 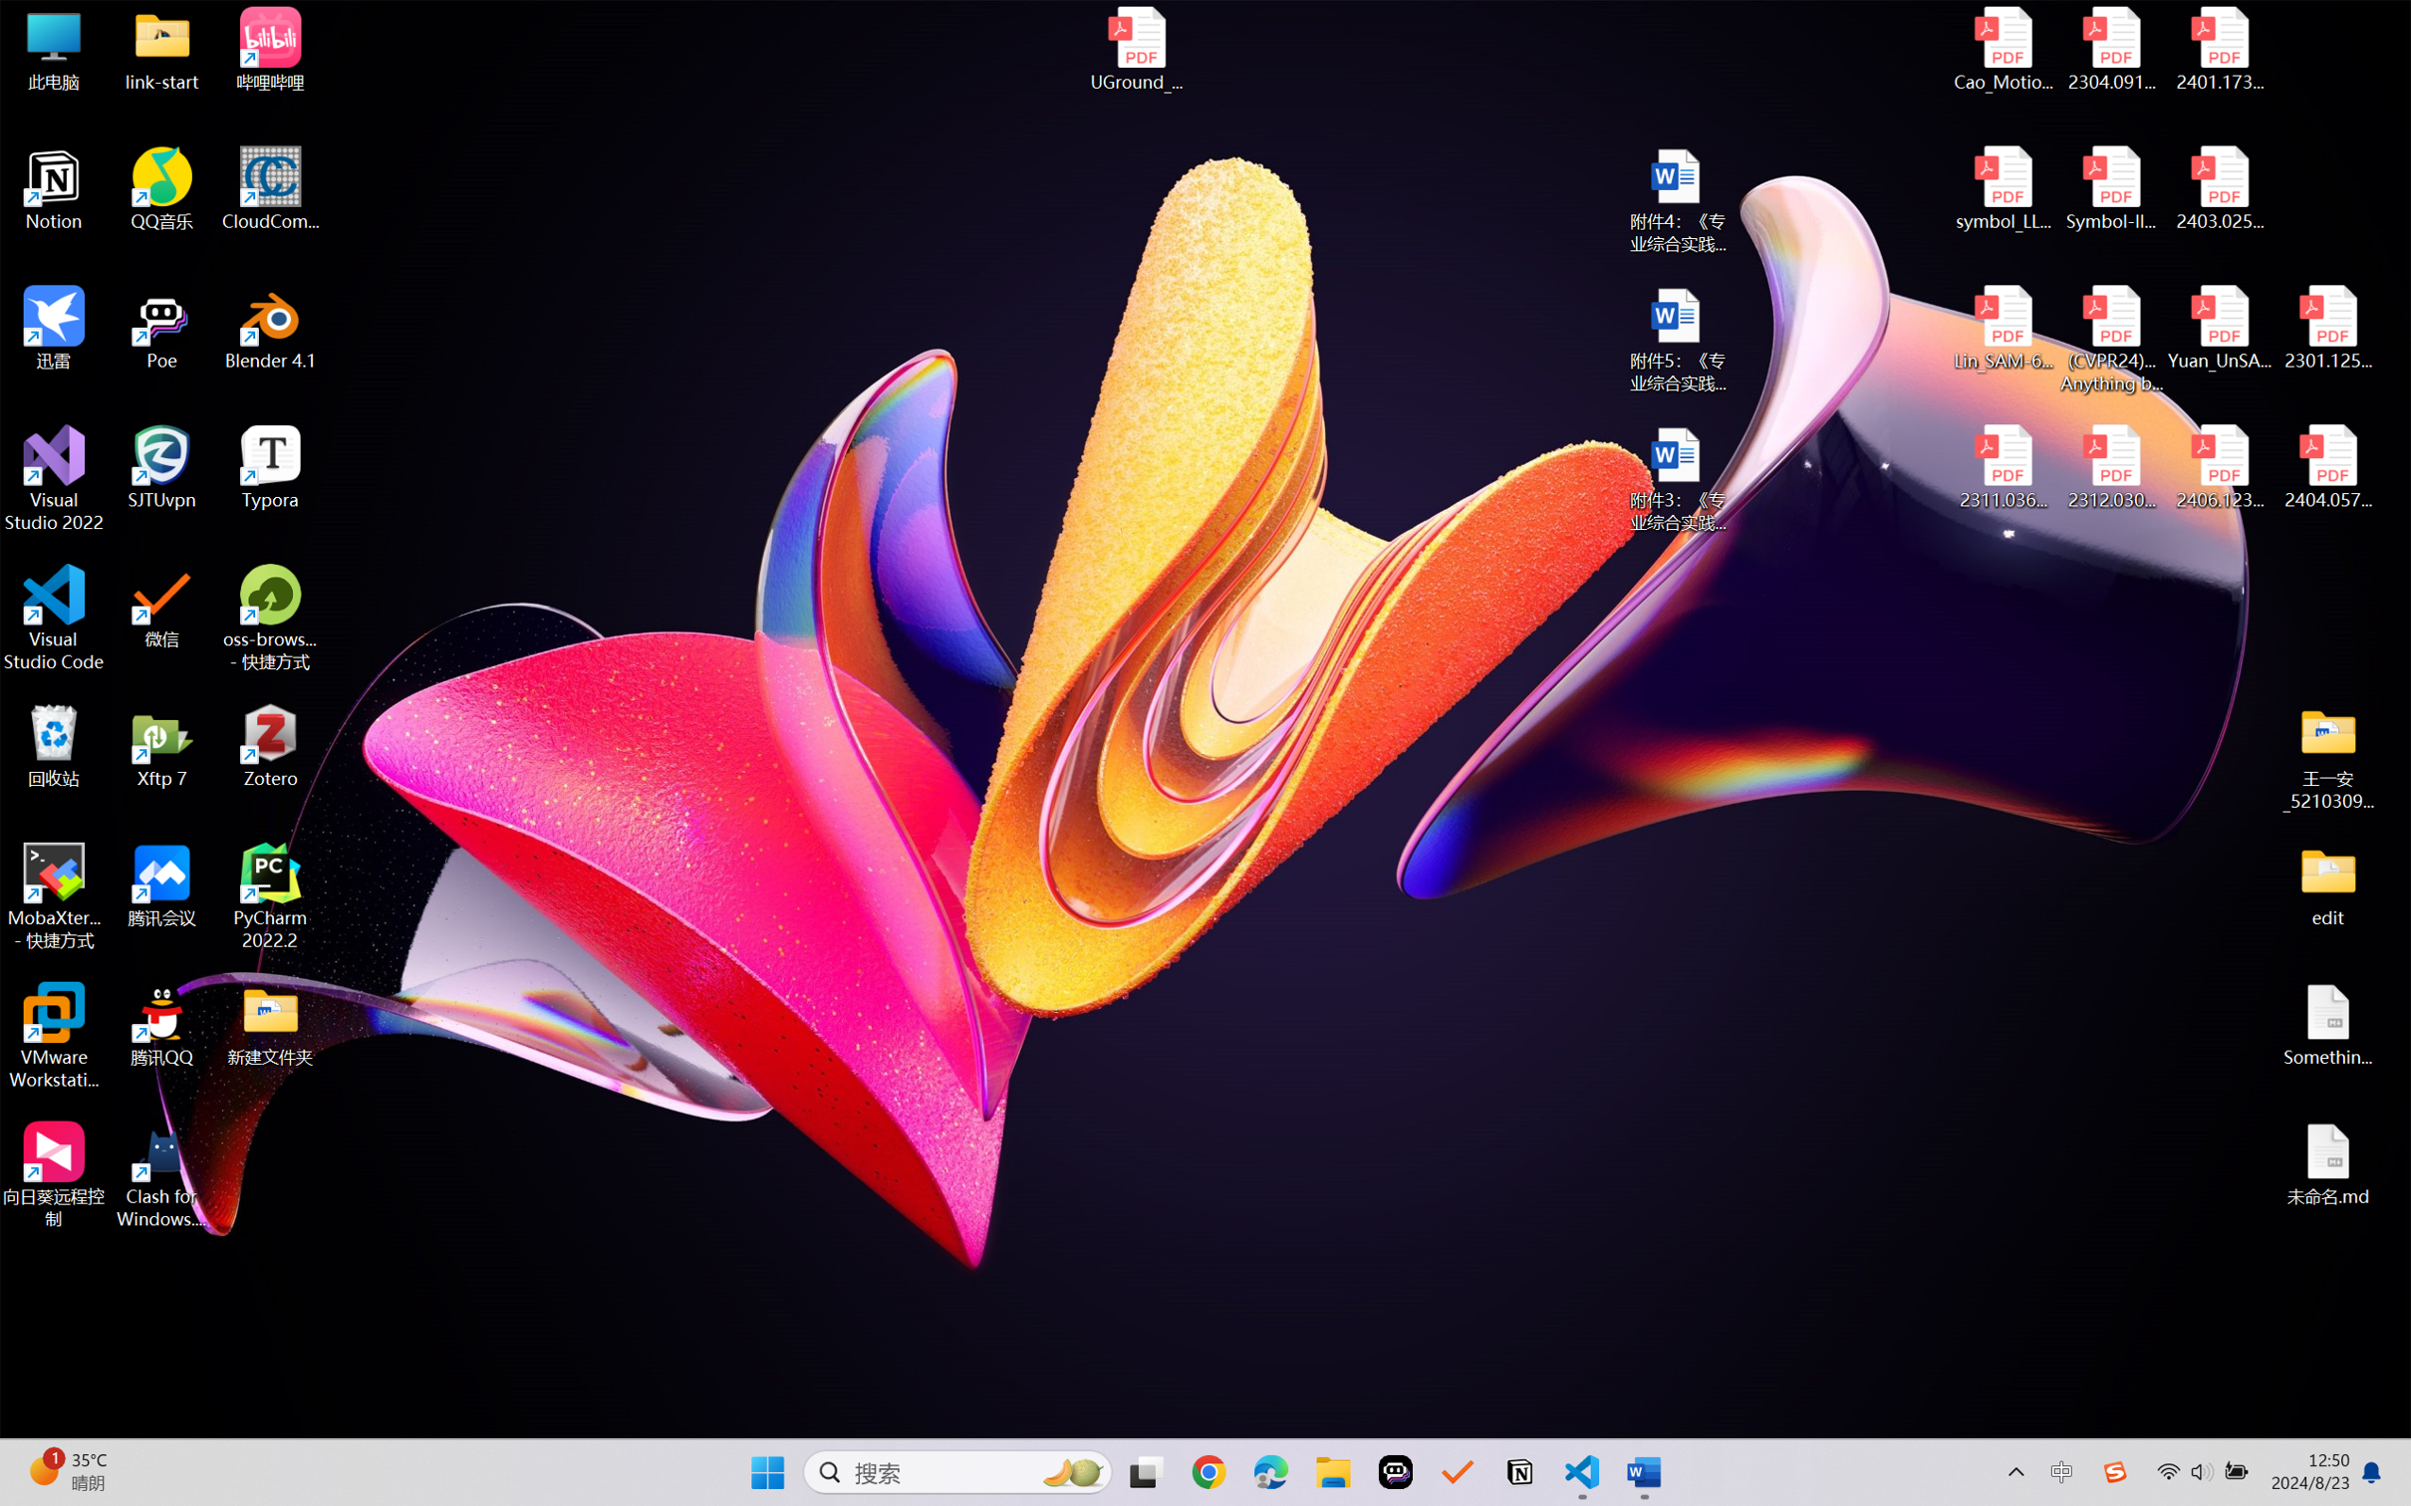 I want to click on 'Something.md', so click(x=2326, y=1025).